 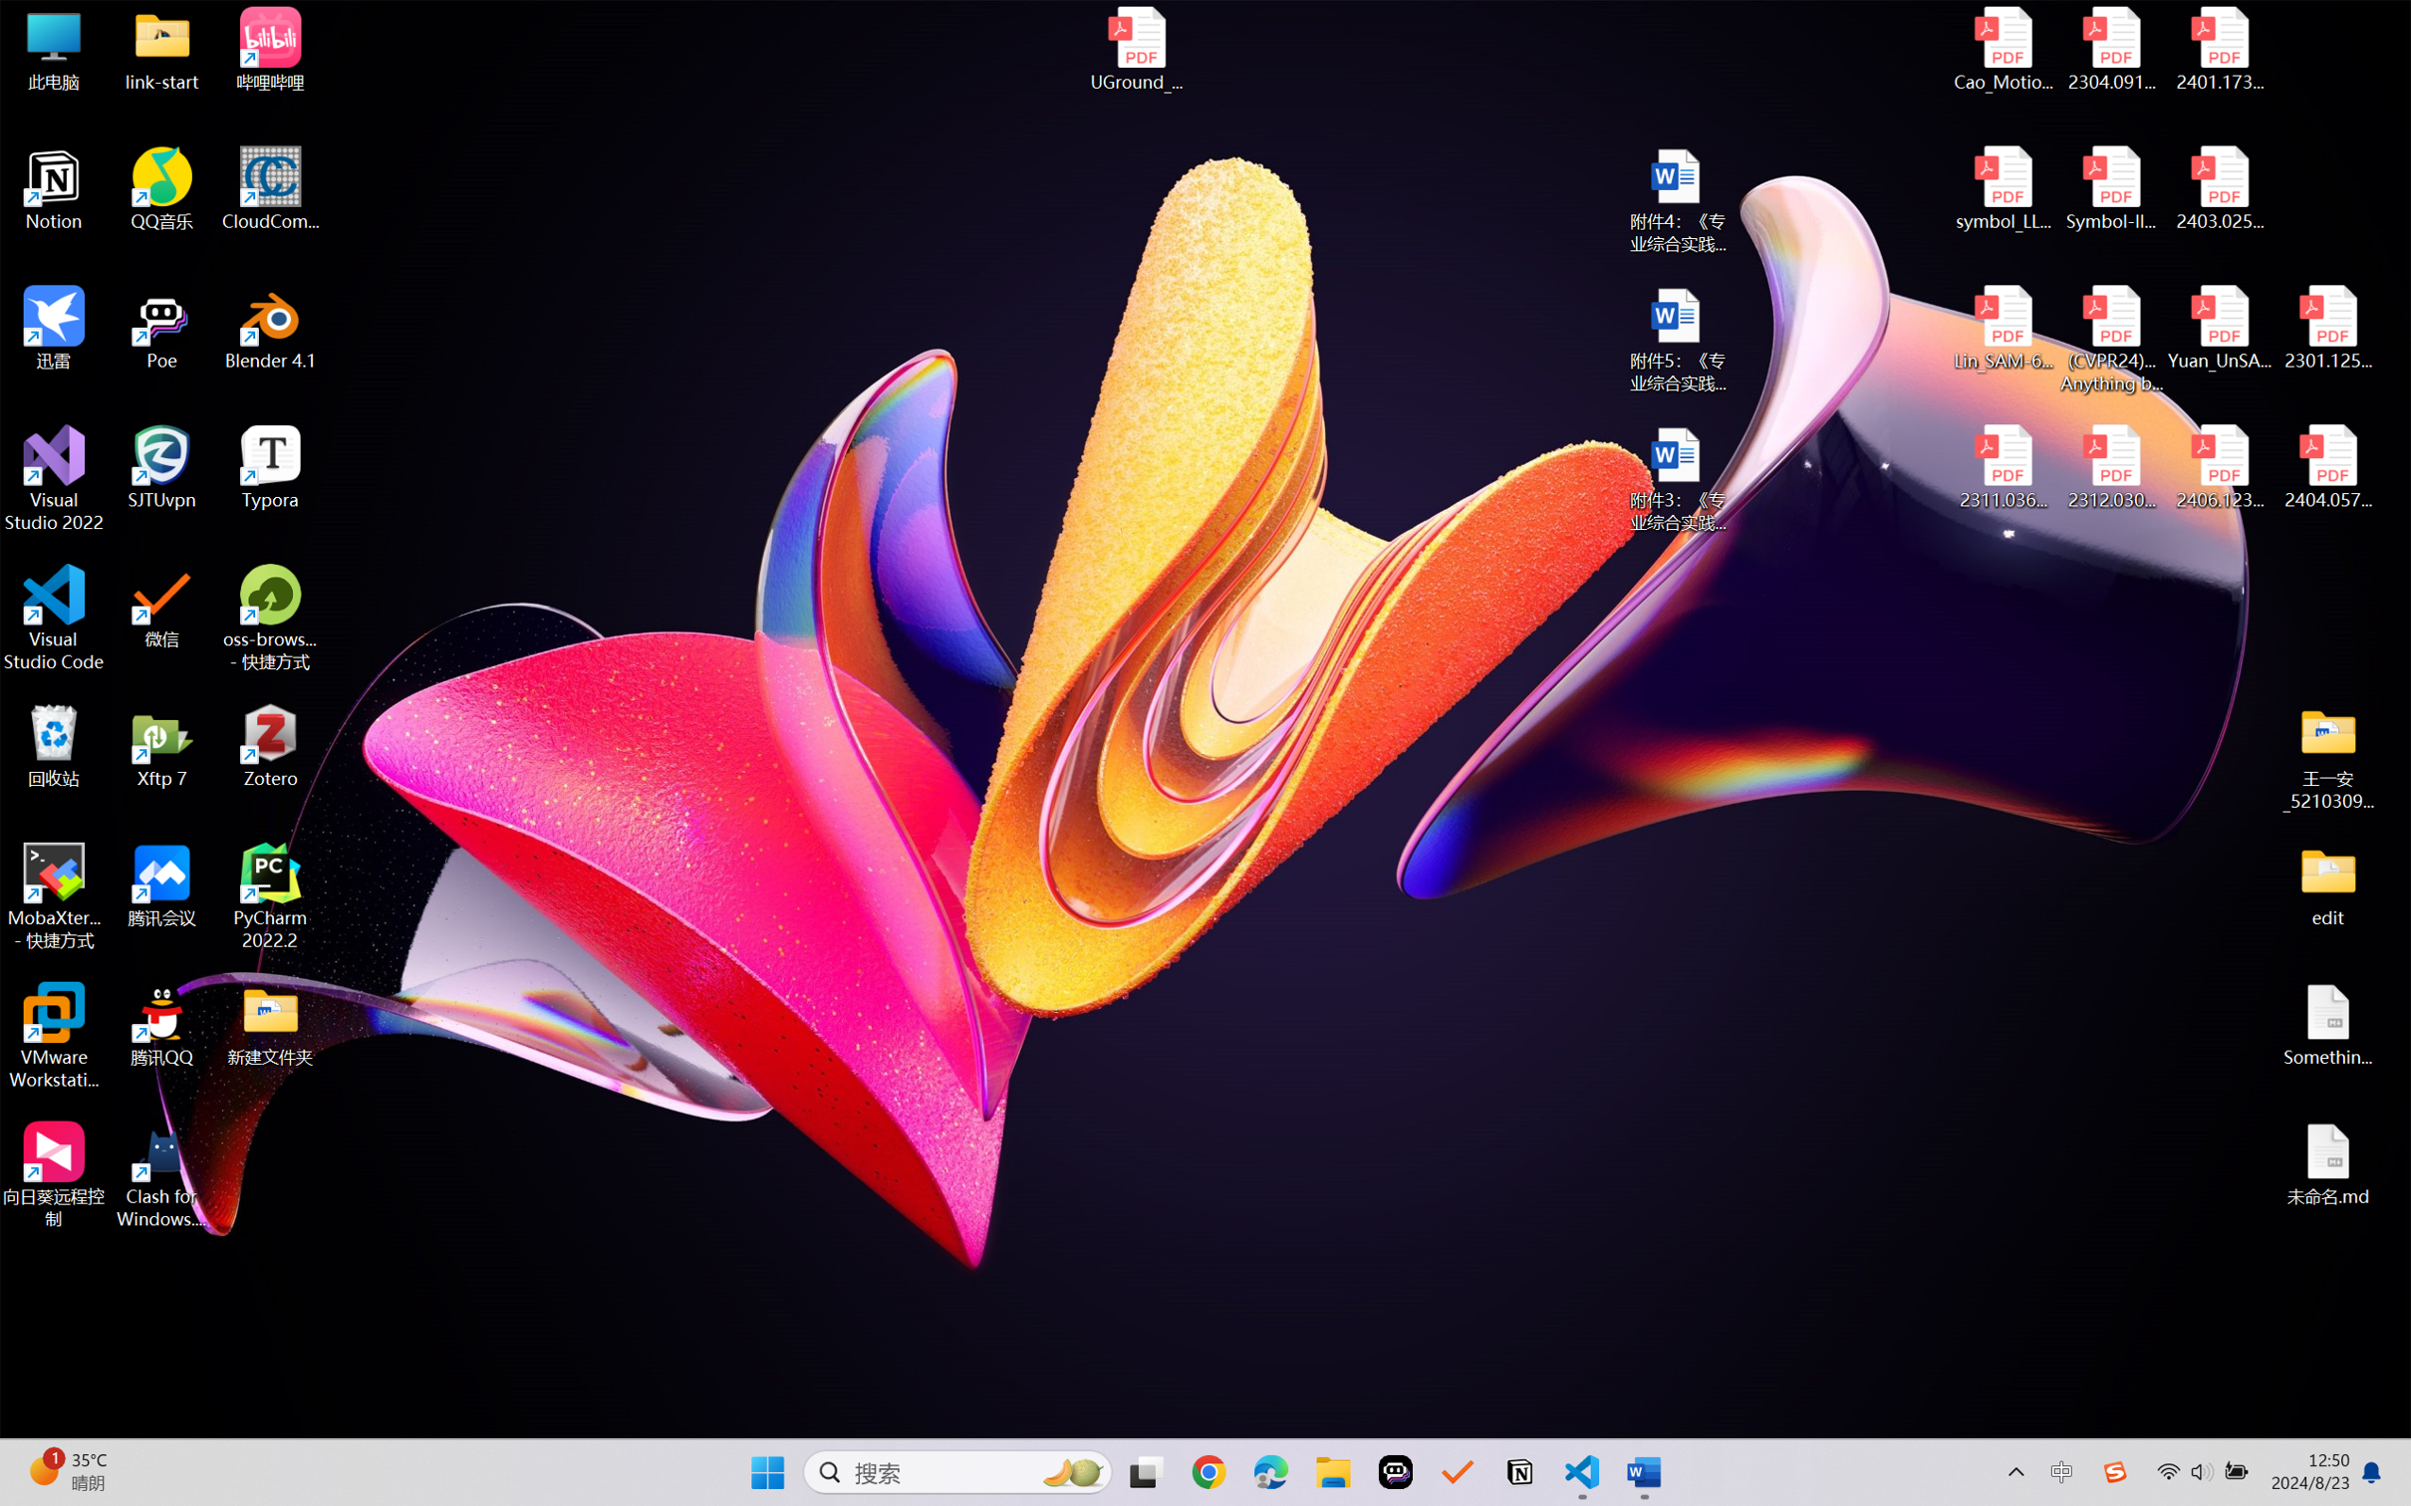 I want to click on 'Something.md', so click(x=2326, y=1025).